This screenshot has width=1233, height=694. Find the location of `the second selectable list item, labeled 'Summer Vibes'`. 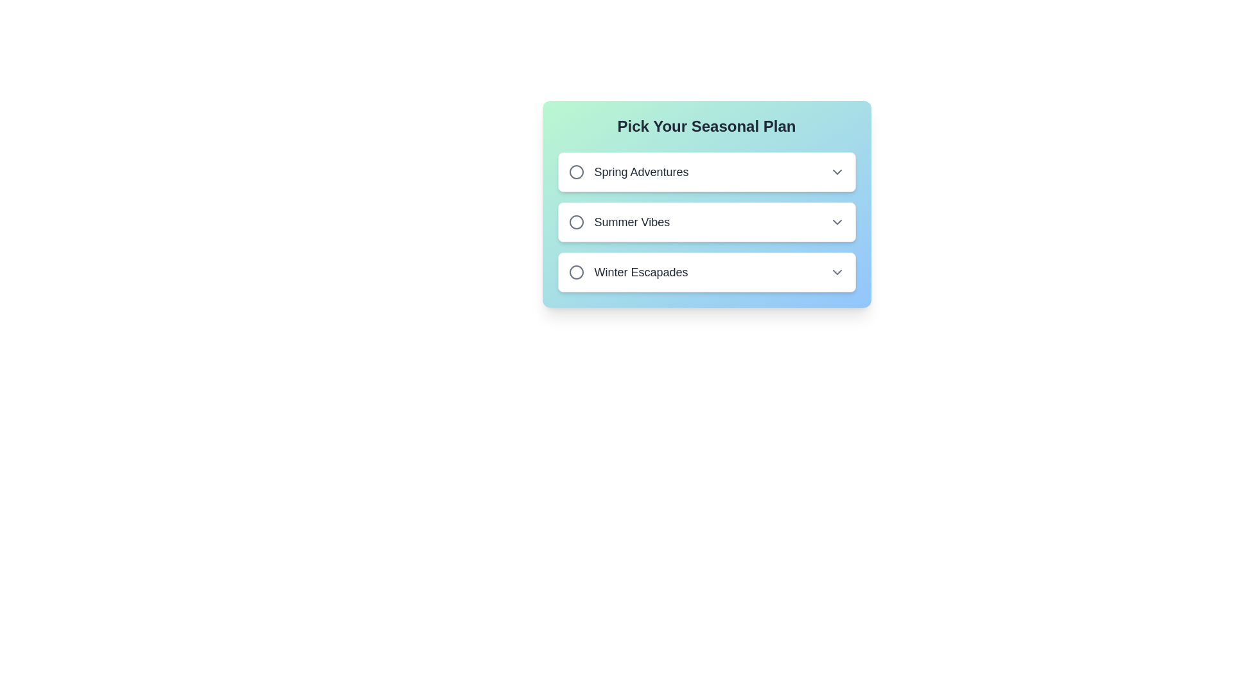

the second selectable list item, labeled 'Summer Vibes' is located at coordinates (619, 222).